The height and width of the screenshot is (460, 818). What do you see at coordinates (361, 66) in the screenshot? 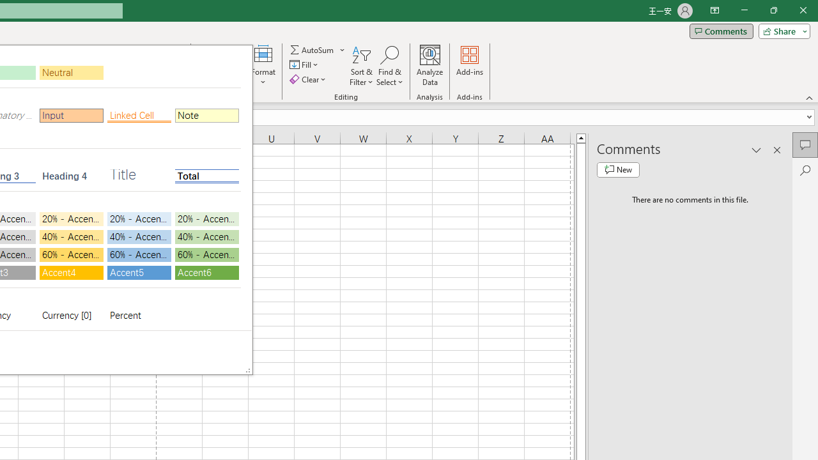
I see `'Sort & Filter'` at bounding box center [361, 66].